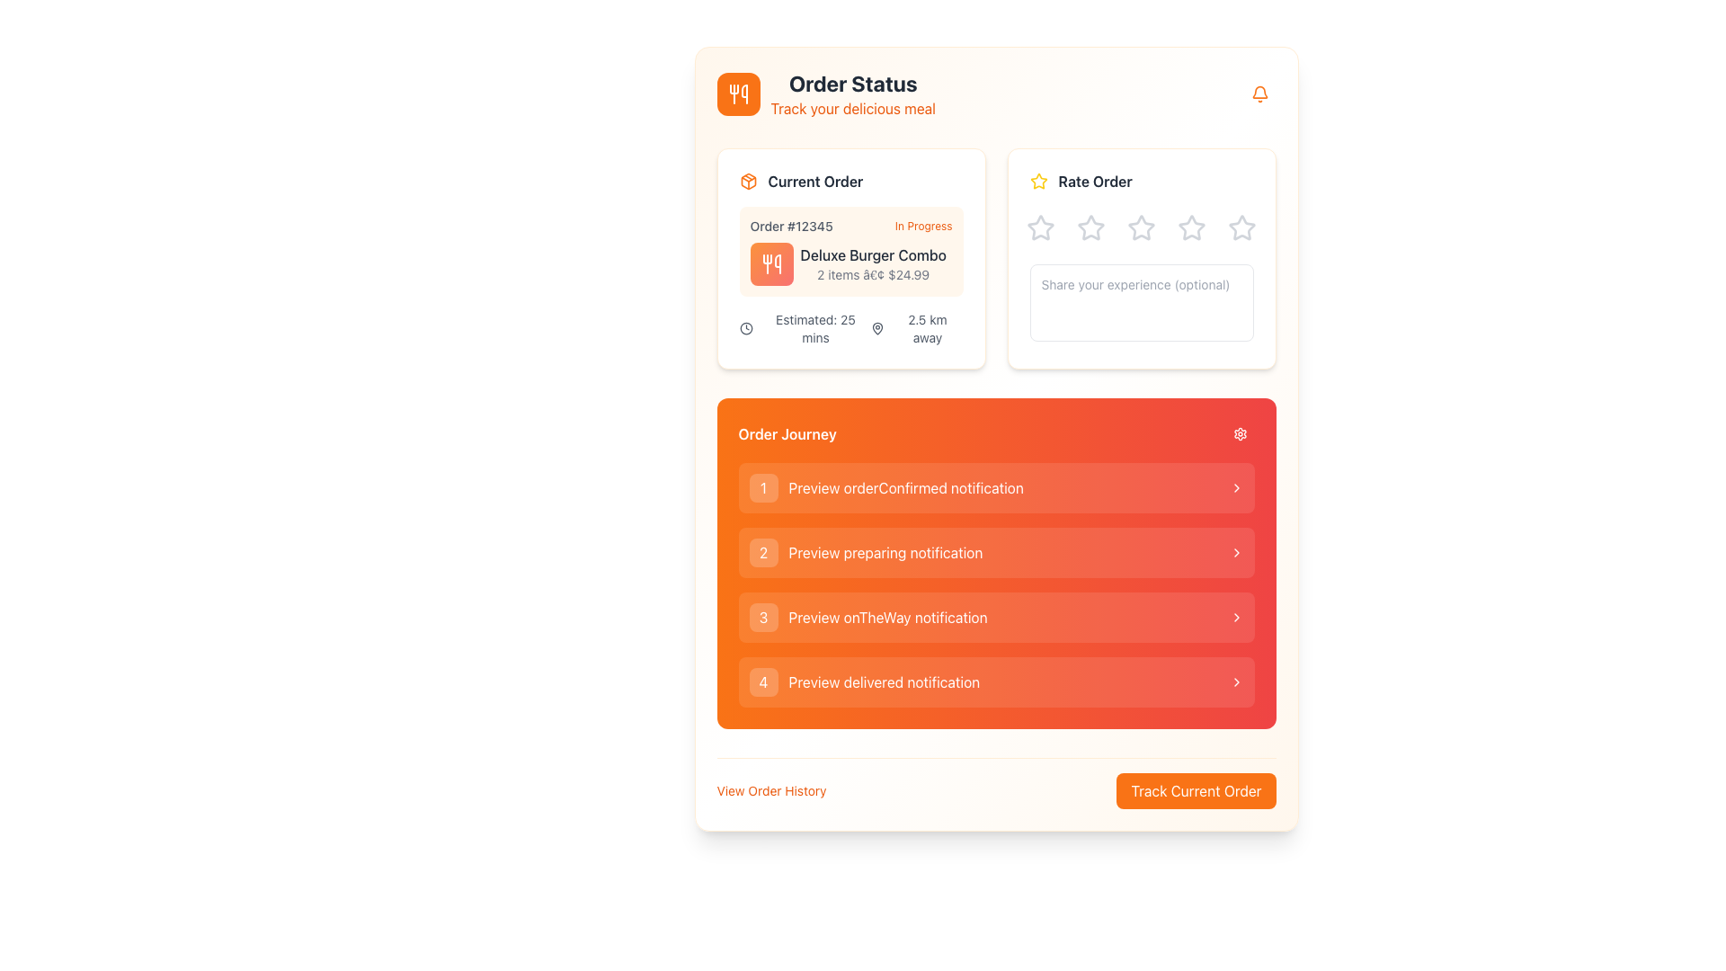 Image resolution: width=1726 pixels, height=971 pixels. I want to click on the visual indicator for the number '2' located on the left side of the 'Preview preparing notification' panel item, so click(763, 551).